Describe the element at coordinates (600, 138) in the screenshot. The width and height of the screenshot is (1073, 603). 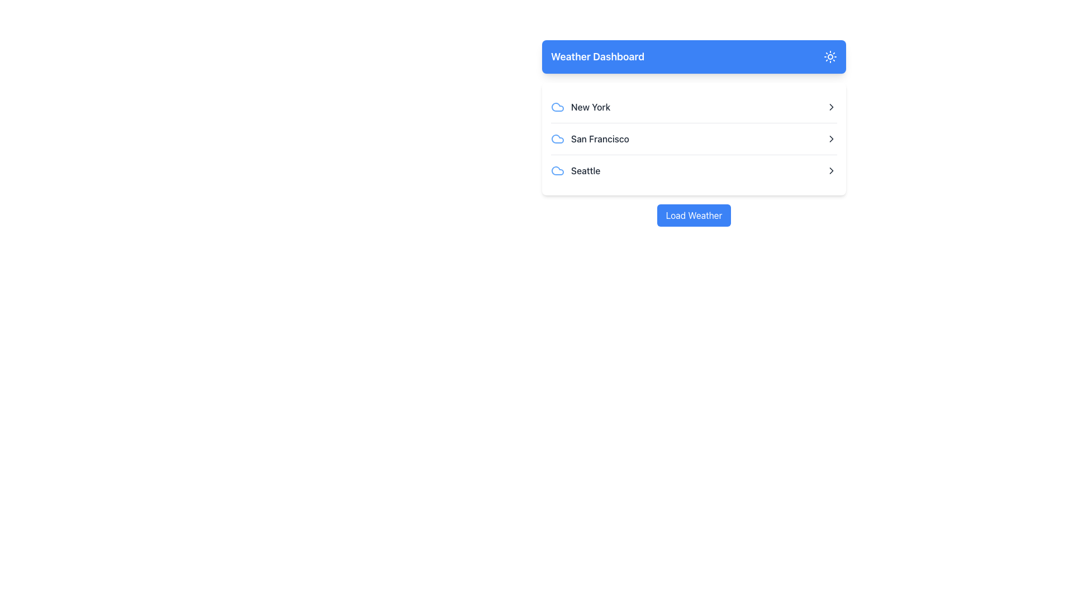
I see `the Text label identifying the selectable option for the city in the weather UI, located in the second row of the vertical list` at that location.